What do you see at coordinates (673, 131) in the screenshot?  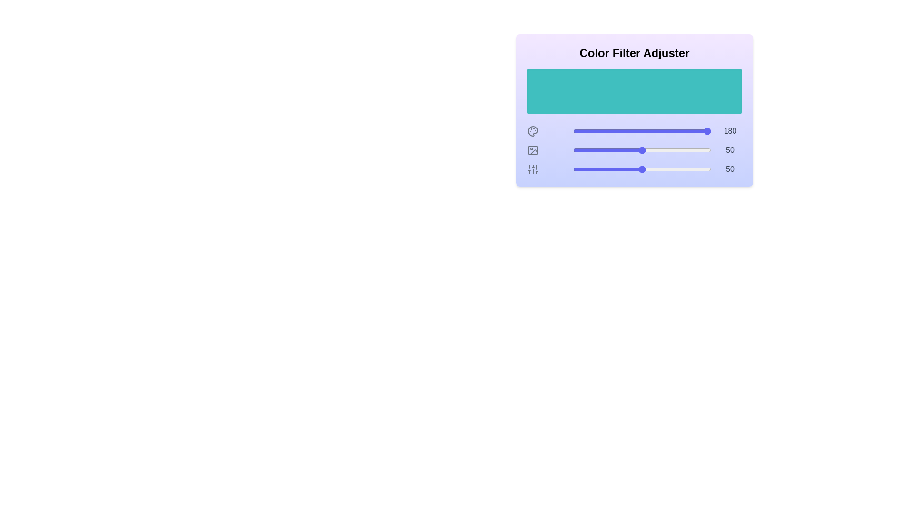 I see `the 0 slider to 73 to observe the color preview area` at bounding box center [673, 131].